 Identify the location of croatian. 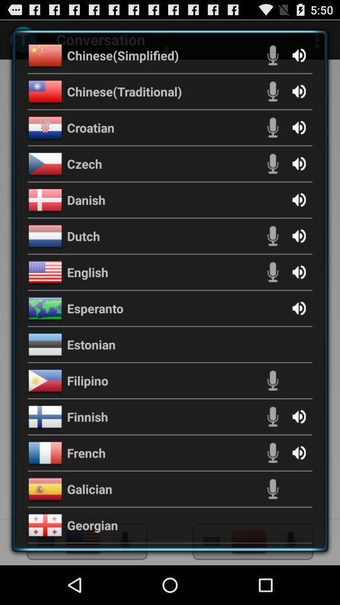
(90, 127).